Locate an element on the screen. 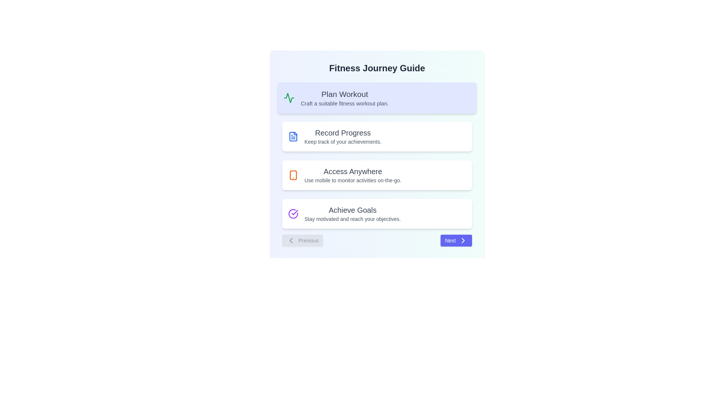 The image size is (712, 401). the Text Label that serves as a heading for the section, which reads 'Record Progress' and is located between 'Plan Workout' and 'Access Anywhere' is located at coordinates (342, 133).